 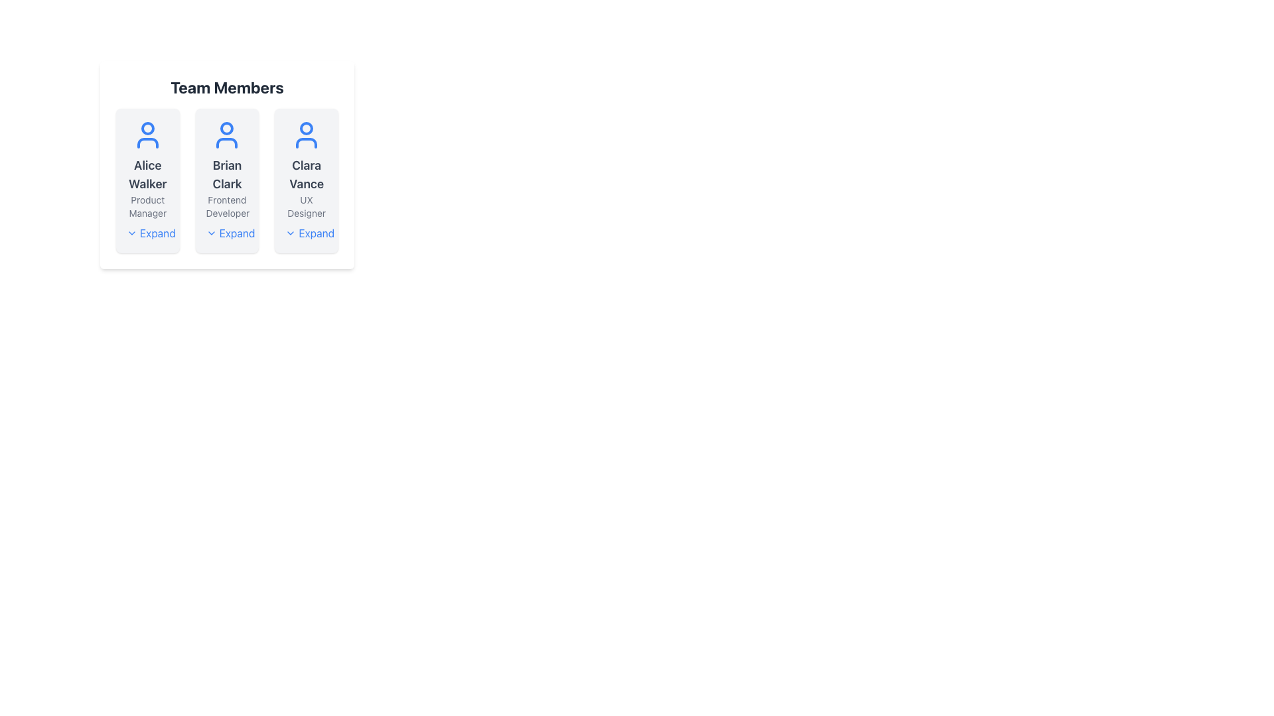 I want to click on the SVG Circle located inside the user profile icon for 'Alice Walker - Product Manager', which is central to the circular frame of the profile depiction, so click(x=147, y=128).